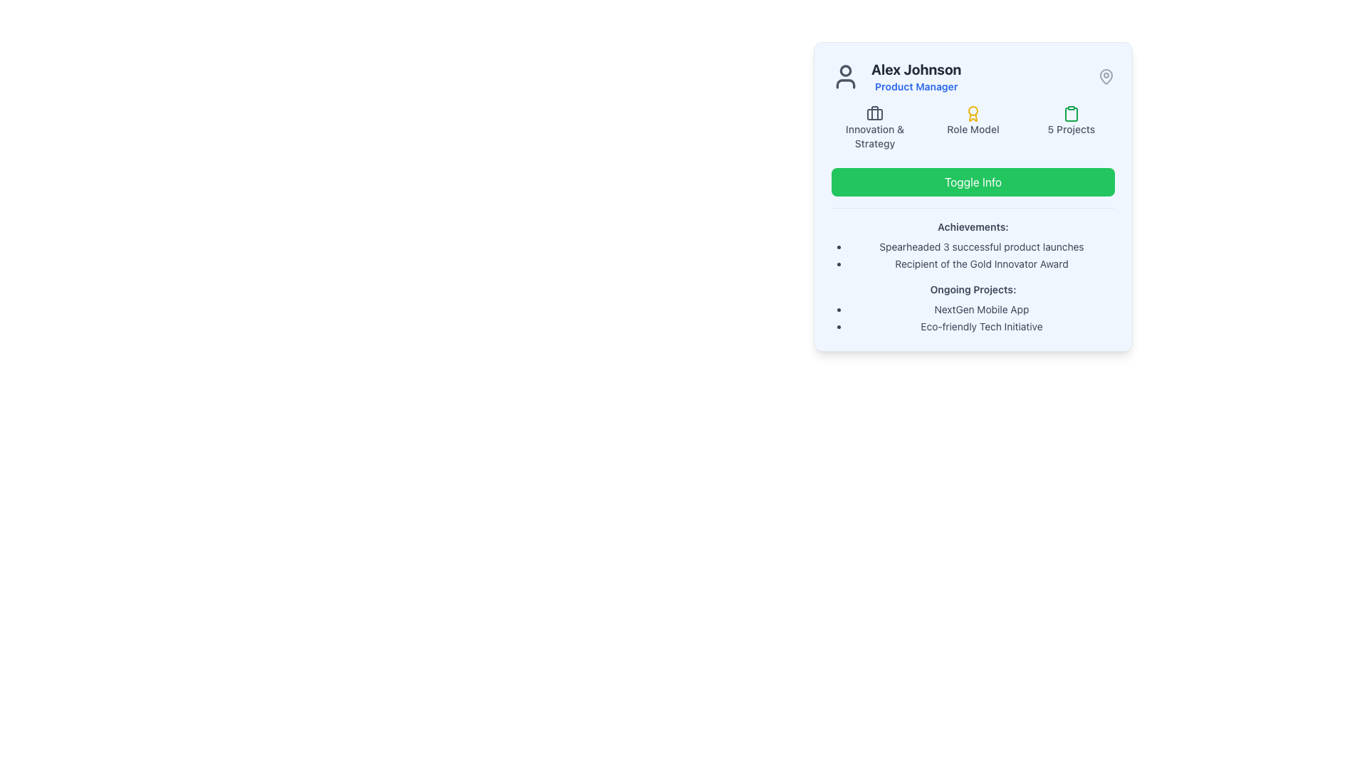 Image resolution: width=1367 pixels, height=769 pixels. What do you see at coordinates (980, 263) in the screenshot?
I see `the static text element that reads 'Recipient of the Gold Innovator Award', which is the second item in a bulleted list under the 'Achievements:' section` at bounding box center [980, 263].